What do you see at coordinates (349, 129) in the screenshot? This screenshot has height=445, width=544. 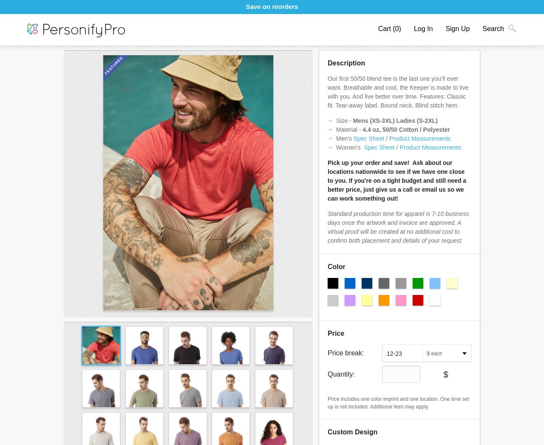 I see `'Material -'` at bounding box center [349, 129].